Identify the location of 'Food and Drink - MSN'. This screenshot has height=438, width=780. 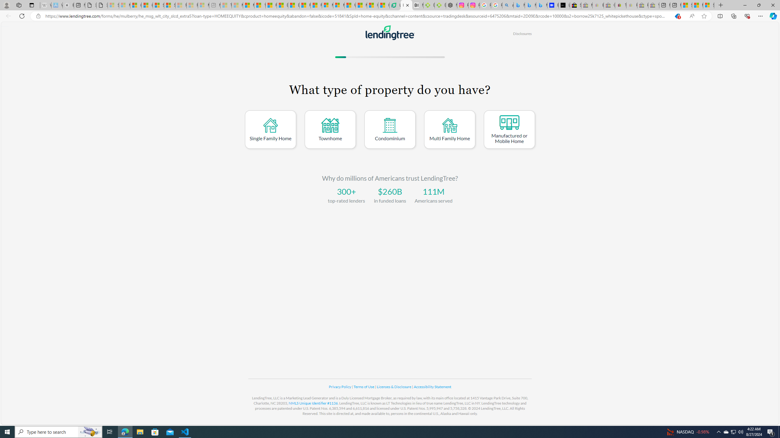
(271, 5).